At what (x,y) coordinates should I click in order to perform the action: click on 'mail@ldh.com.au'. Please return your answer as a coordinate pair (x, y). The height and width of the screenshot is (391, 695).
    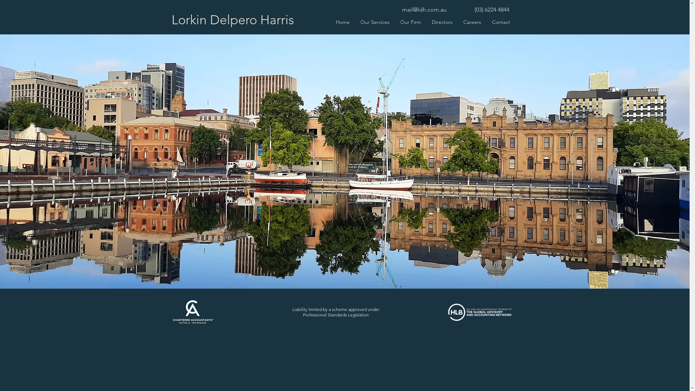
    Looking at the image, I should click on (424, 9).